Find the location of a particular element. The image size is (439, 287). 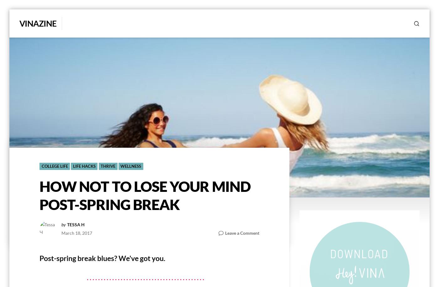

'March 18, 2017' is located at coordinates (77, 233).